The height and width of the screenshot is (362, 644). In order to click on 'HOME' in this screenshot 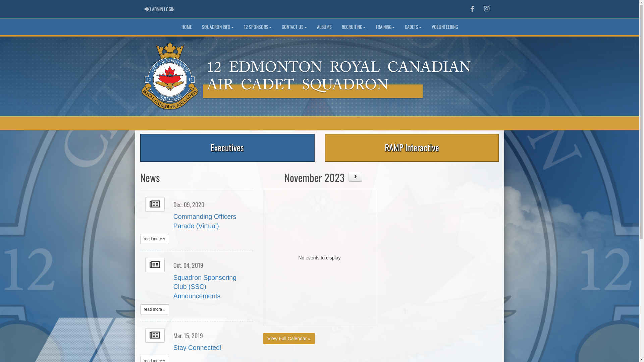, I will do `click(186, 26)`.